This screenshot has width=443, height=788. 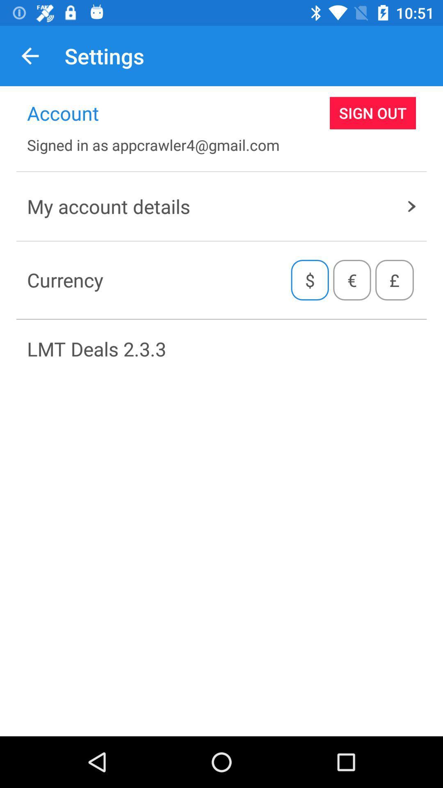 I want to click on the $ item, so click(x=310, y=280).